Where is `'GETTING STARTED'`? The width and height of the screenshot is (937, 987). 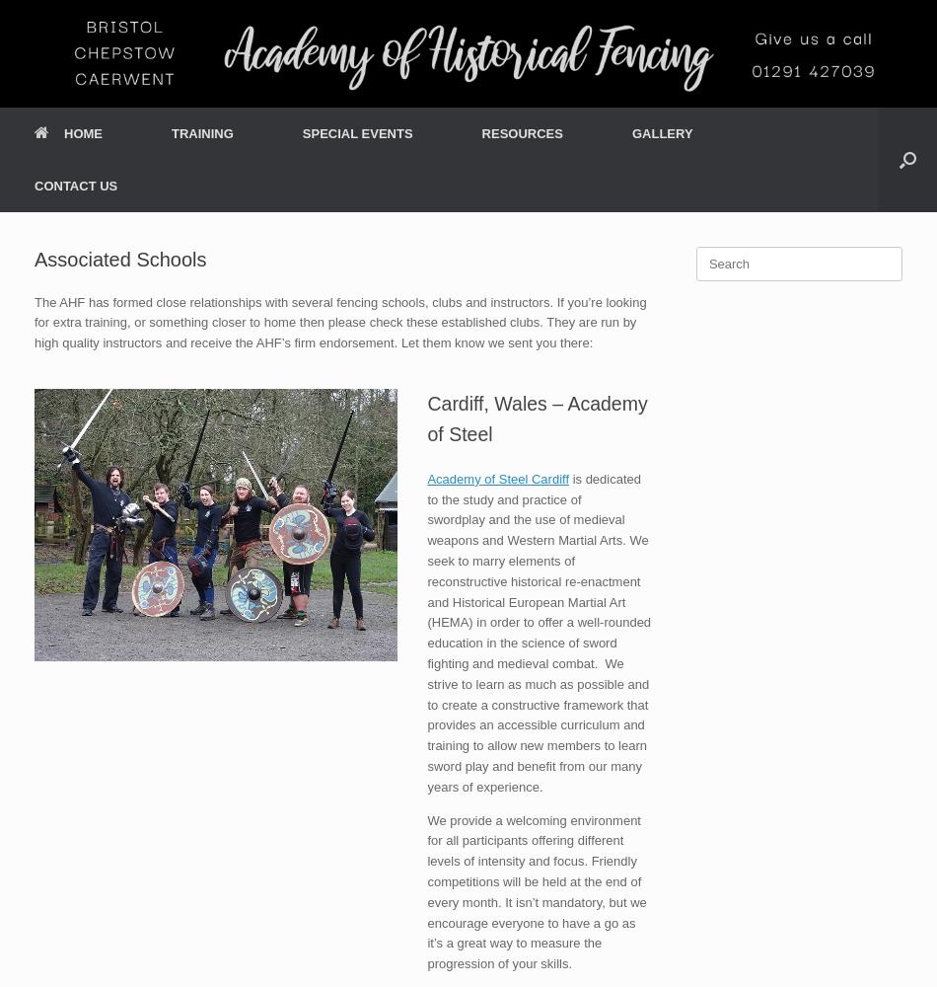
'GETTING STARTED' is located at coordinates (216, 180).